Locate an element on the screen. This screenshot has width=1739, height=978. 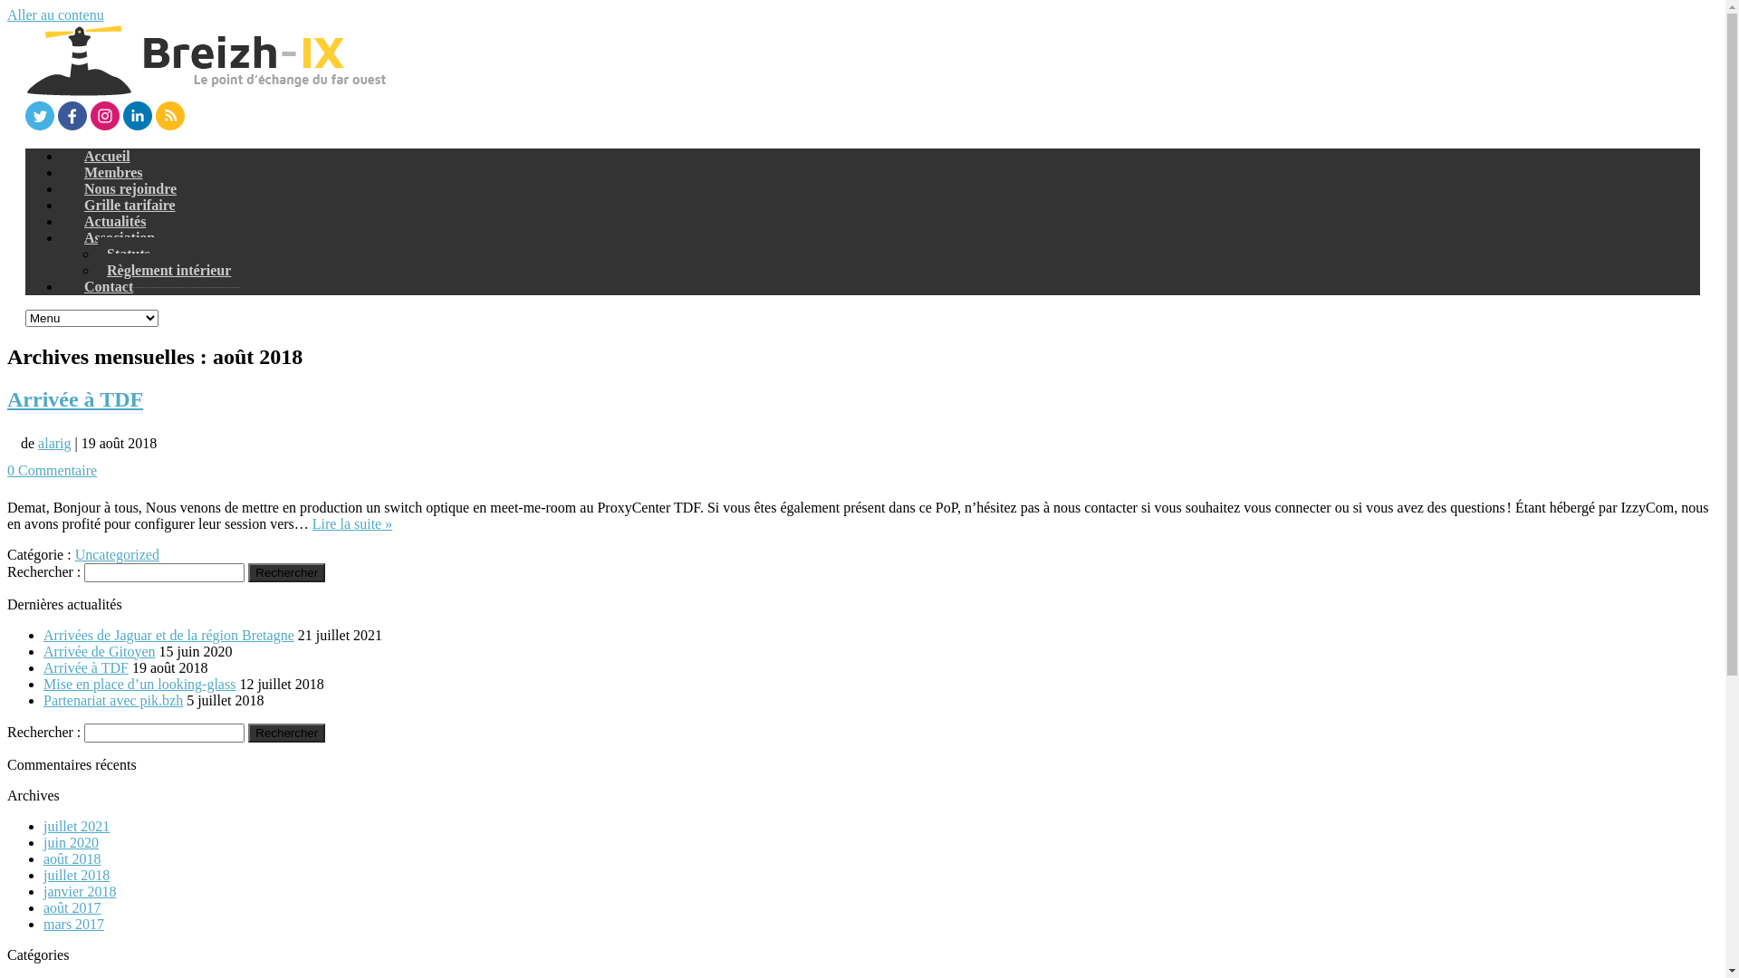
'Uncategorized' is located at coordinates (116, 553).